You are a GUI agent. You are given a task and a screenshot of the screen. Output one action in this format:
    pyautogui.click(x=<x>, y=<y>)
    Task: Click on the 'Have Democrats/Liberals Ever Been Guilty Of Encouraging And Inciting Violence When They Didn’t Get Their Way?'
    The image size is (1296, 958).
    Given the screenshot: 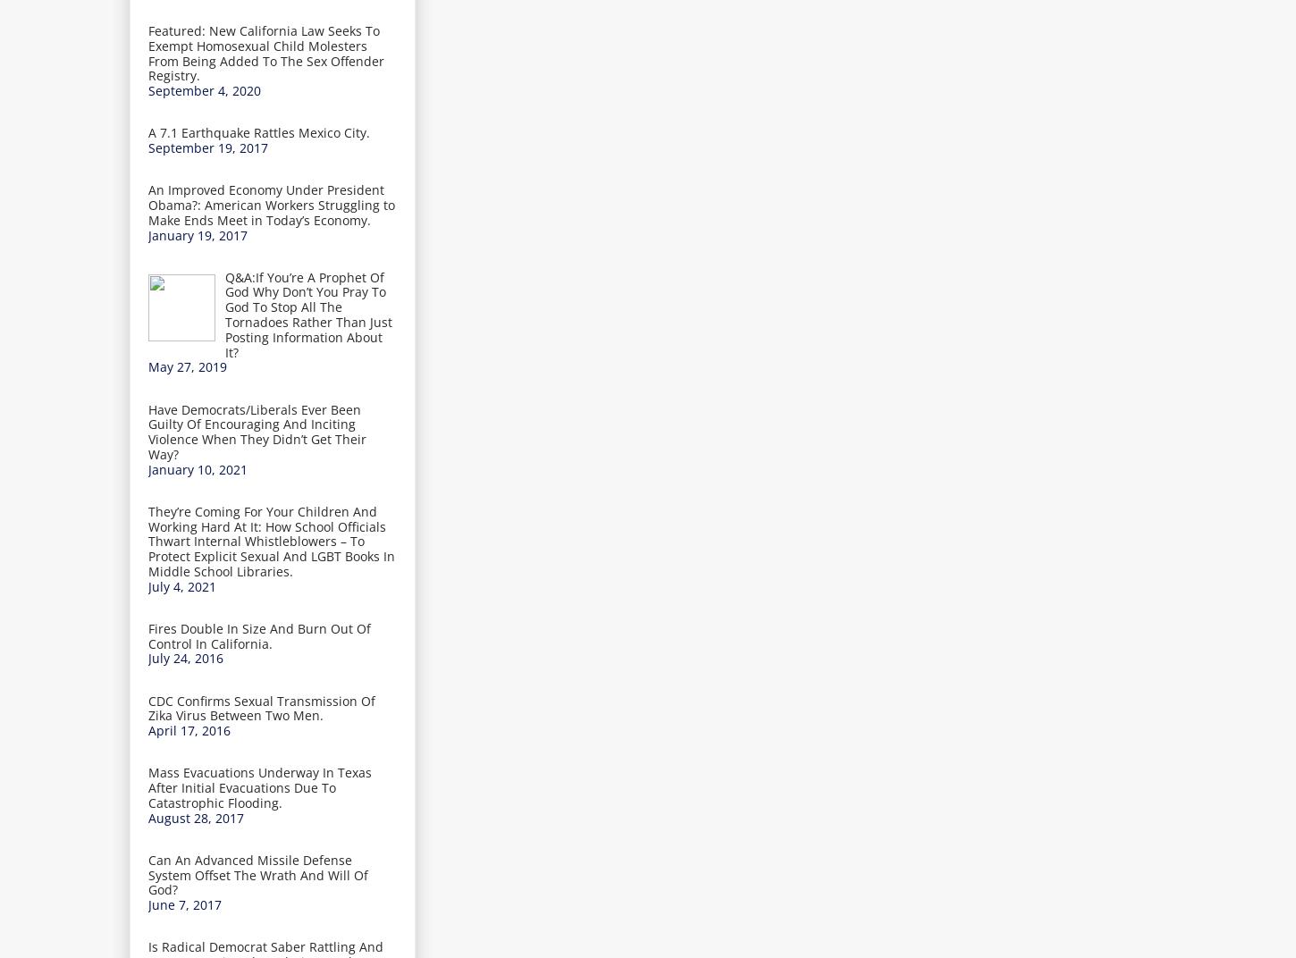 What is the action you would take?
    pyautogui.click(x=257, y=431)
    